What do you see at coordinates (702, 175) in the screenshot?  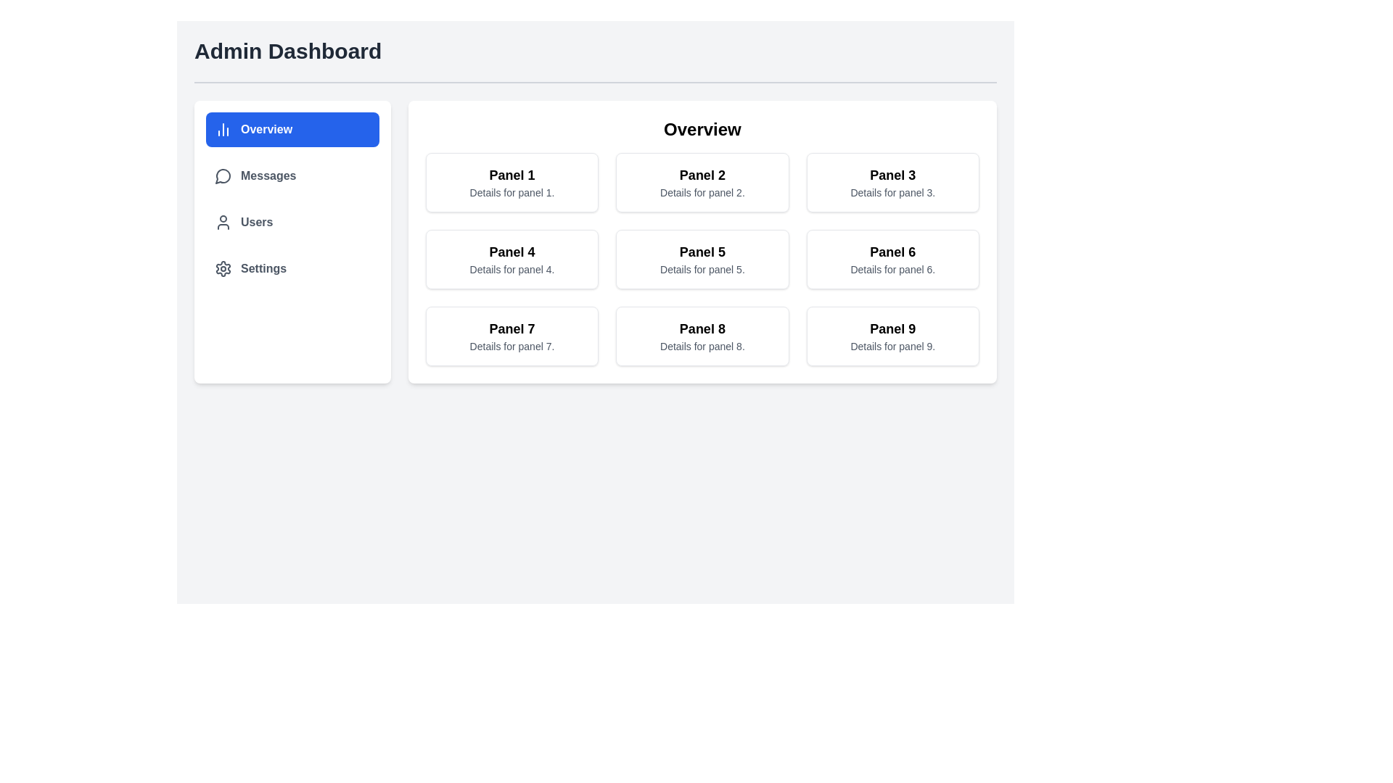 I see `the text label that serves as the heading for the panel titled 'Details for panel 2', located in the second column of the topmost row of panels` at bounding box center [702, 175].